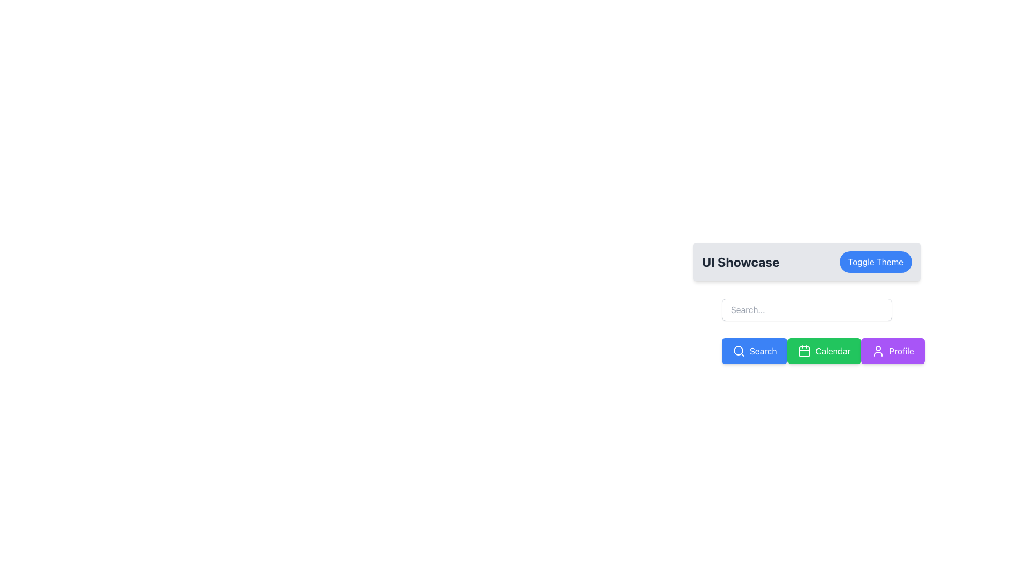  Describe the element at coordinates (901, 351) in the screenshot. I see `the text label indicating the 'Profile' button's function, which is positioned centrally within the purple button frame in the bottom right corner of the interface` at that location.